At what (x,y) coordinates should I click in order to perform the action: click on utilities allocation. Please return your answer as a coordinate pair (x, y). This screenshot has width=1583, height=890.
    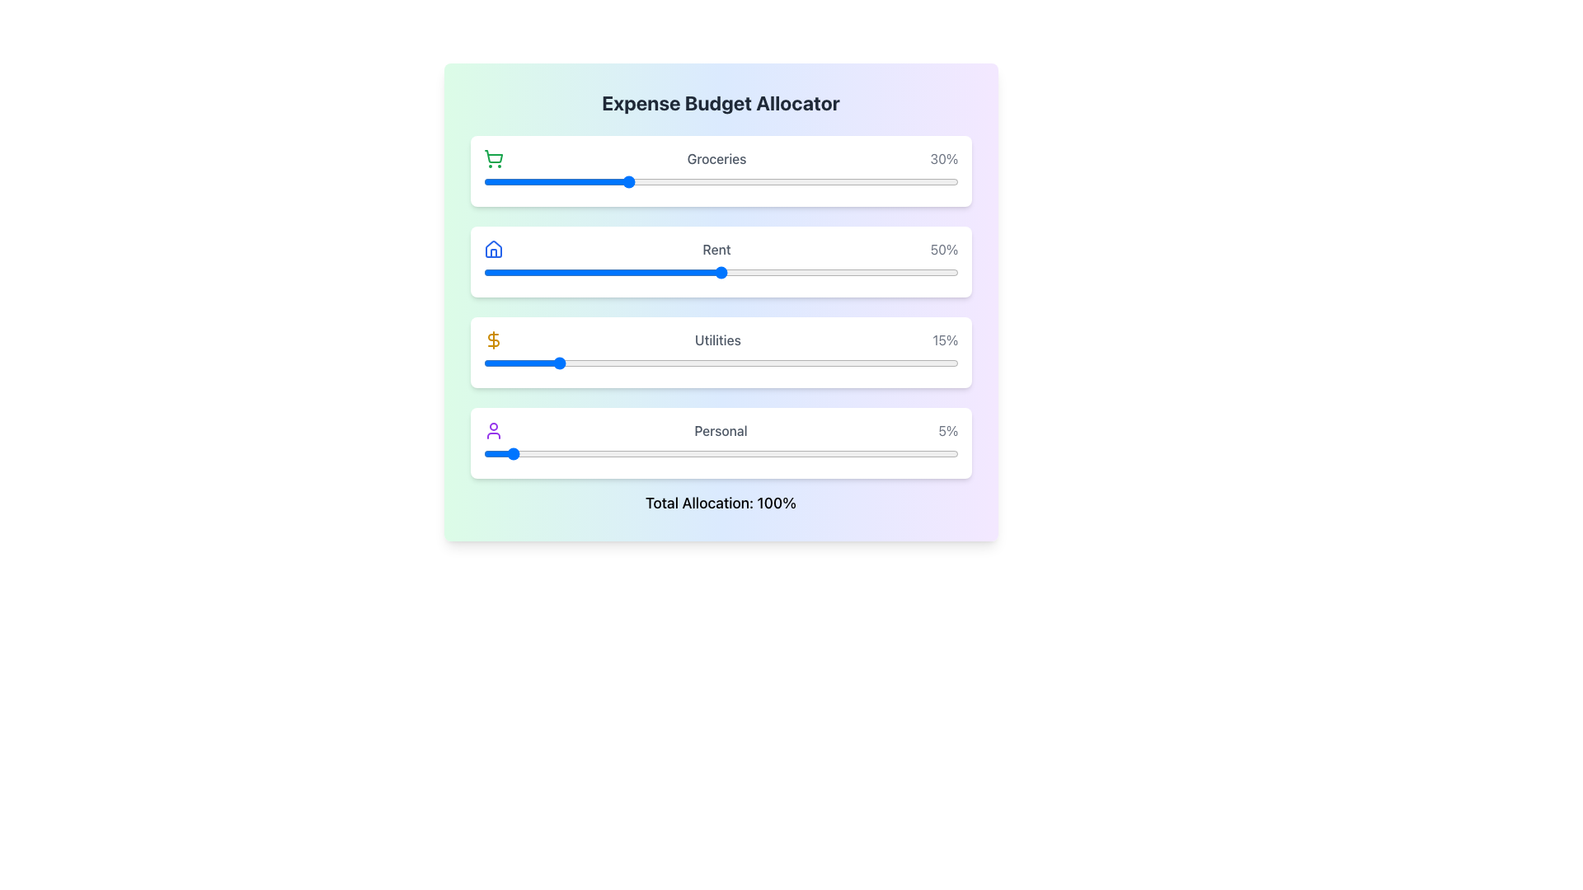
    Looking at the image, I should click on (658, 362).